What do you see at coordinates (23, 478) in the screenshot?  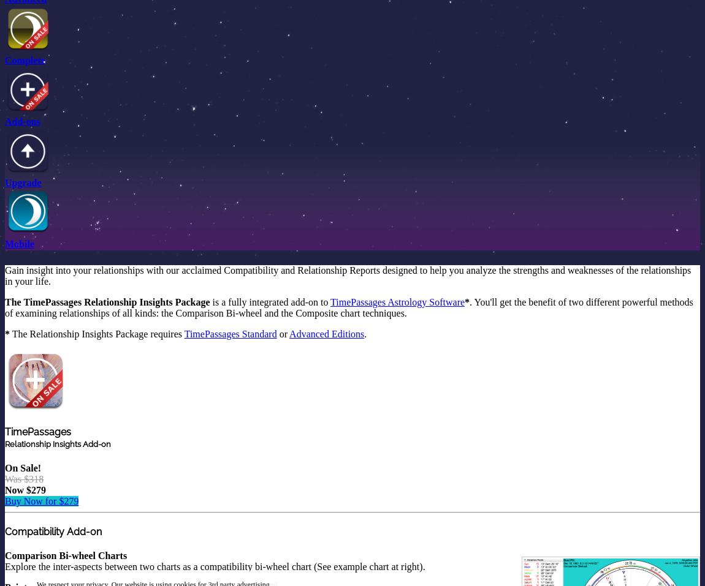 I see `'Was $318'` at bounding box center [23, 478].